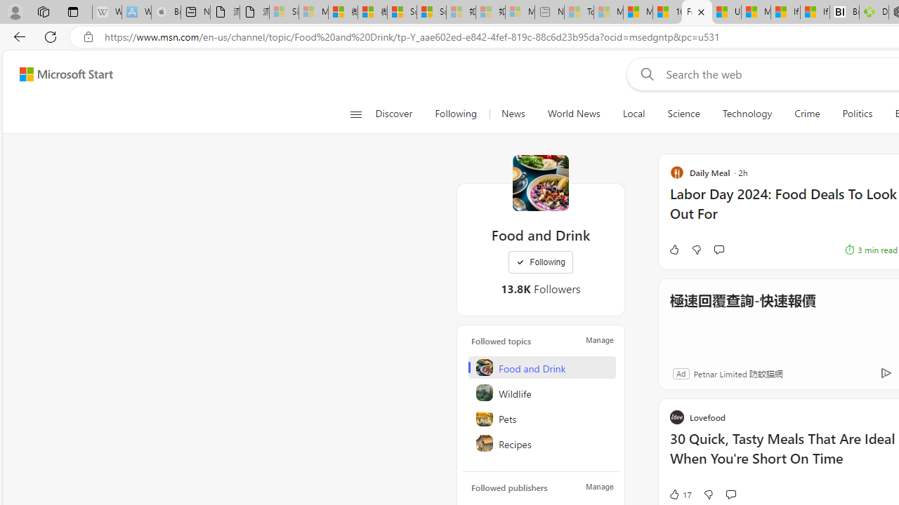  Describe the element at coordinates (680, 493) in the screenshot. I see `'17 Like'` at that location.